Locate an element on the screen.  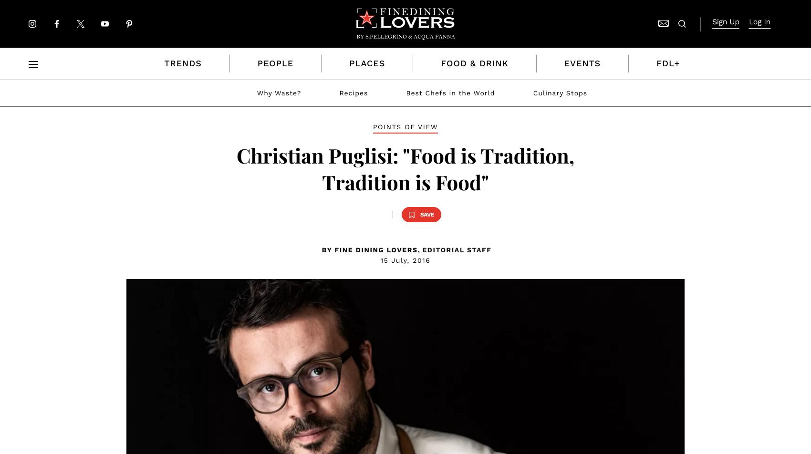
'Christian Puglisi: "Food is Tradition, Tradition is Food"' is located at coordinates (405, 168).